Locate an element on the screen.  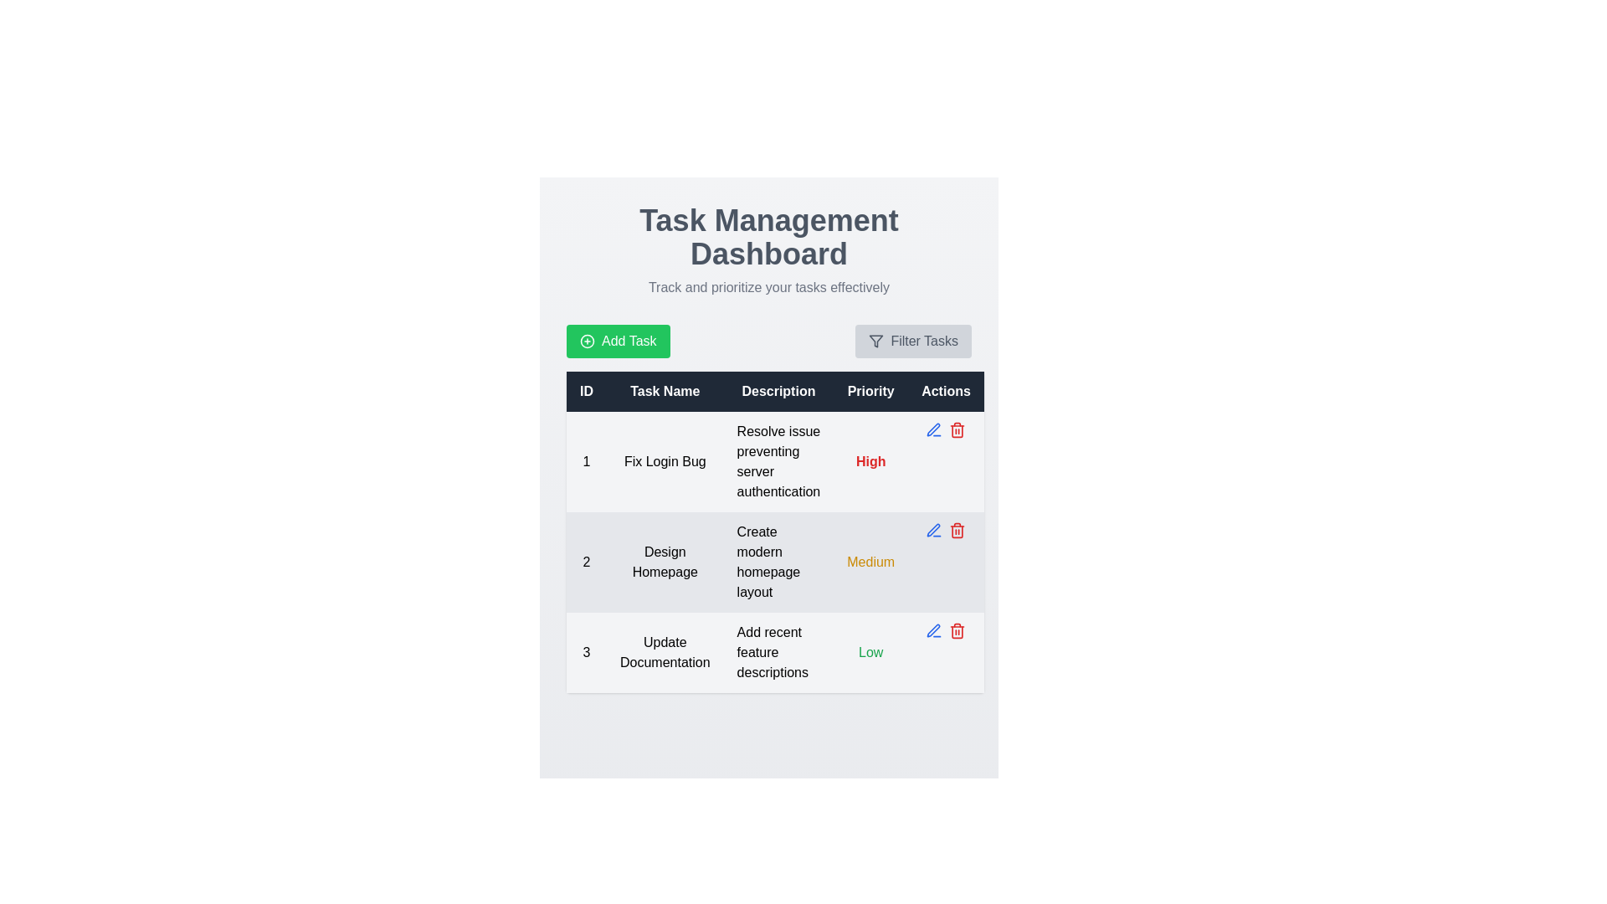
the appearance of the circular icon with a plus symbol inside it, which is styled with a green background and located to the left of the 'Add Task' text in the 'Task Management Dashboard' interface is located at coordinates (587, 341).